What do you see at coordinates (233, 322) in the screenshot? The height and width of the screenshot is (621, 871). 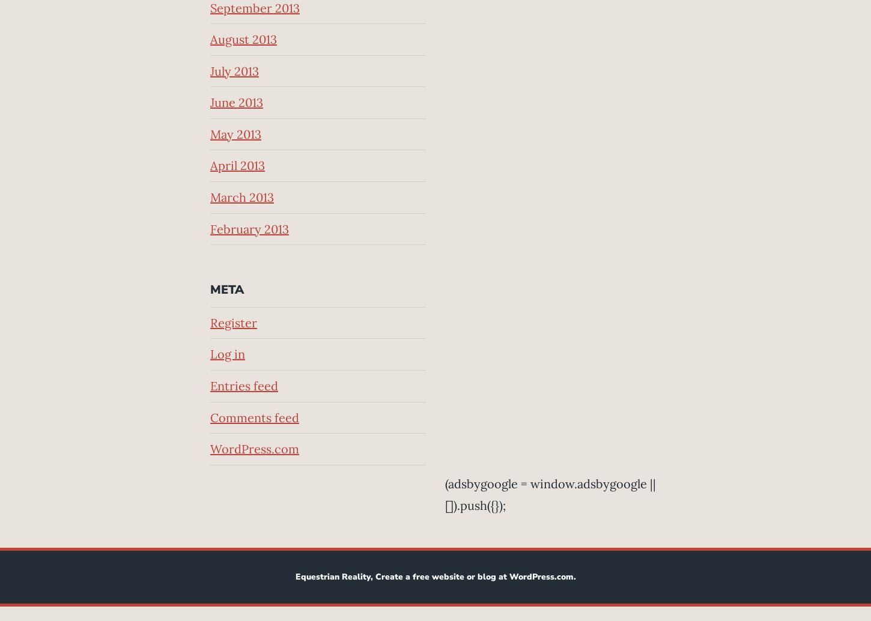 I see `'Register'` at bounding box center [233, 322].